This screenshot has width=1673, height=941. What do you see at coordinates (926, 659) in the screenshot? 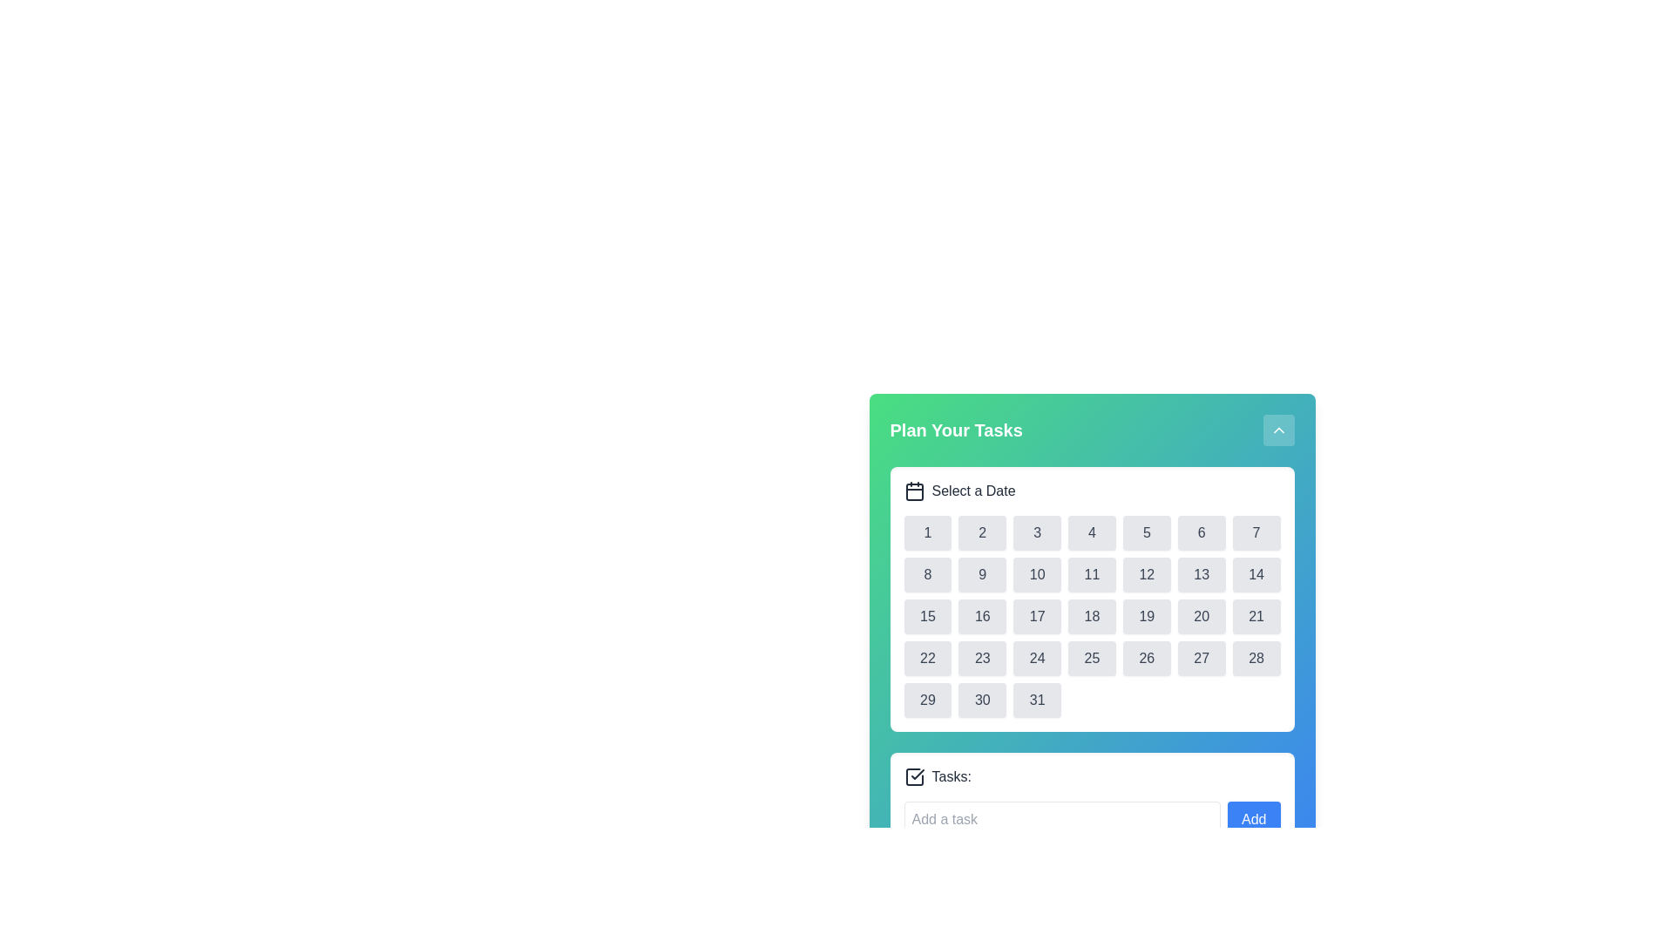
I see `the rounded rectangle button with a light gray background and the text '22' in dark gray, located in the first column of the fourth row in a grid layout` at bounding box center [926, 659].